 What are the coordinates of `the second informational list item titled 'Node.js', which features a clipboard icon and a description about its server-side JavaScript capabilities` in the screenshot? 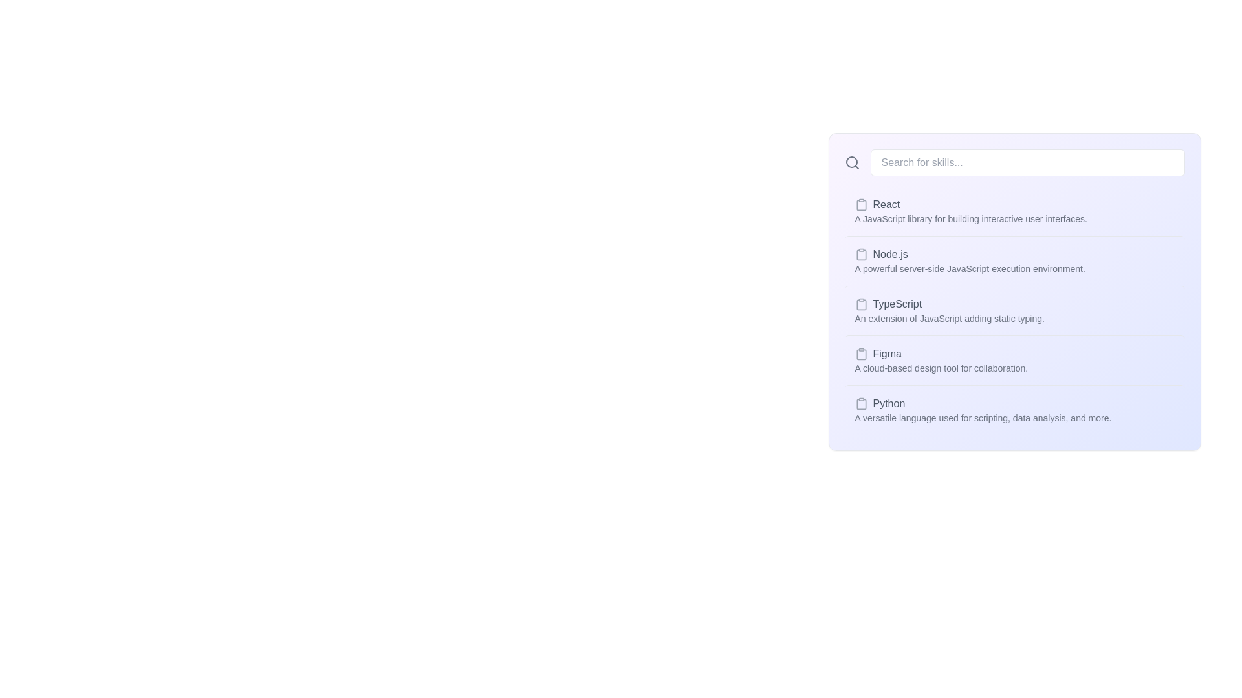 It's located at (969, 261).